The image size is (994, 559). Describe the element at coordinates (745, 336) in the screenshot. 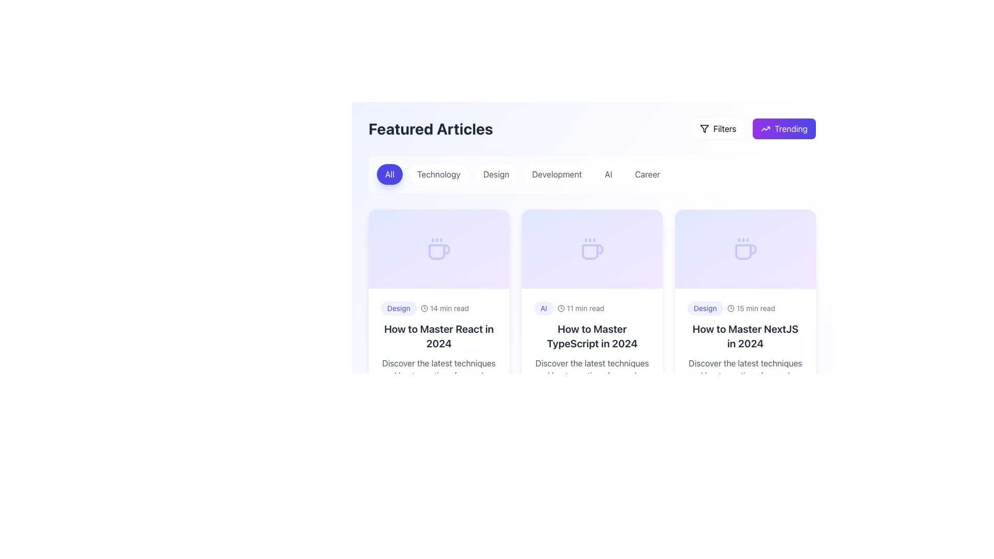

I see `the clickable title of the third article card in the 'Featured Articles' section, located below the 'Design' and '15 min read' indicators` at that location.